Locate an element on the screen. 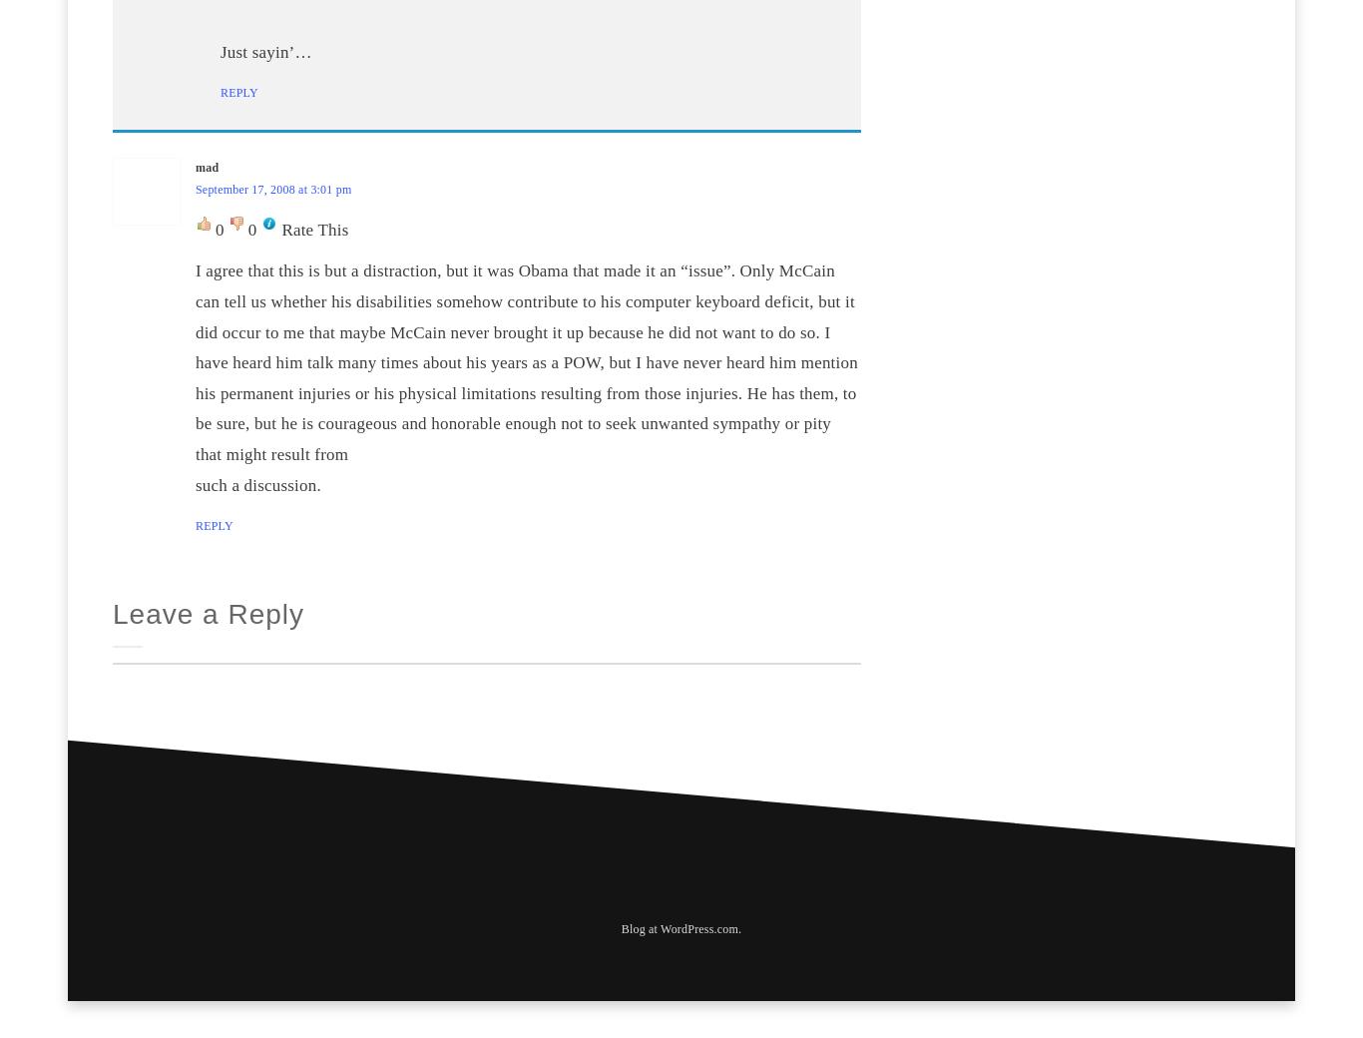 The width and height of the screenshot is (1363, 1038). 'Just sayin’…' is located at coordinates (265, 50).